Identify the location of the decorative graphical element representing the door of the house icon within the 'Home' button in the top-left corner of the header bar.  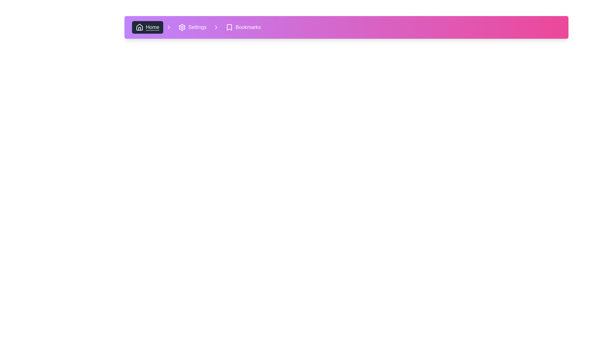
(139, 29).